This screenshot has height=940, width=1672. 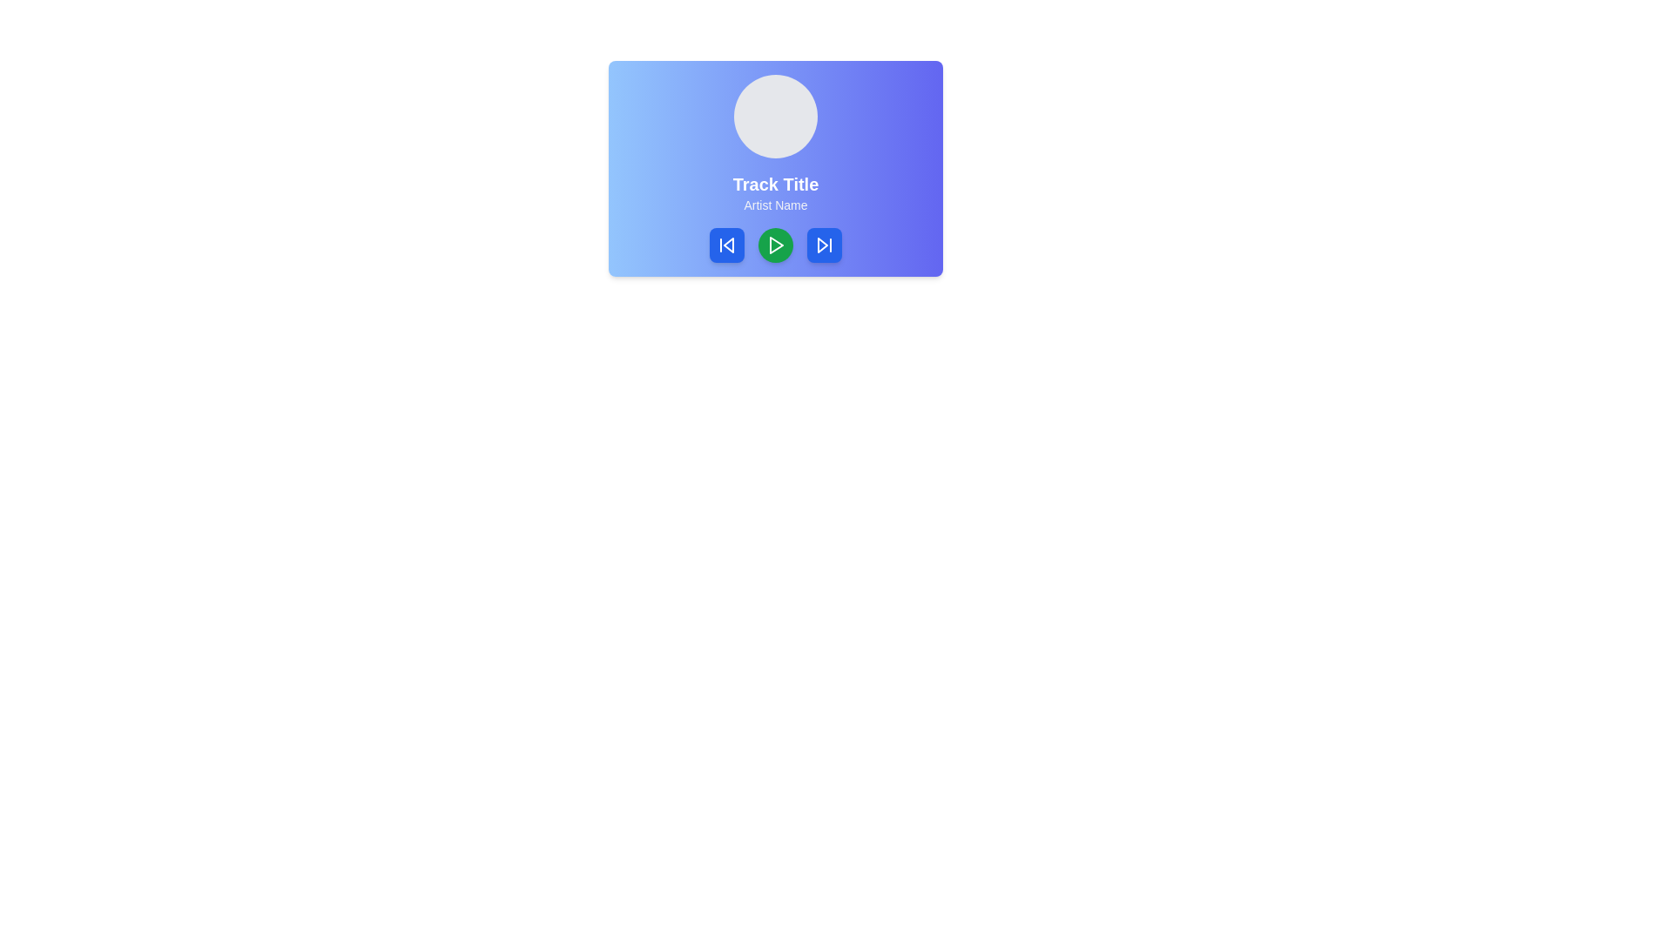 I want to click on the right-facing triangular play icon within the circular play button of the media player interface for keyboard interaction, so click(x=776, y=245).